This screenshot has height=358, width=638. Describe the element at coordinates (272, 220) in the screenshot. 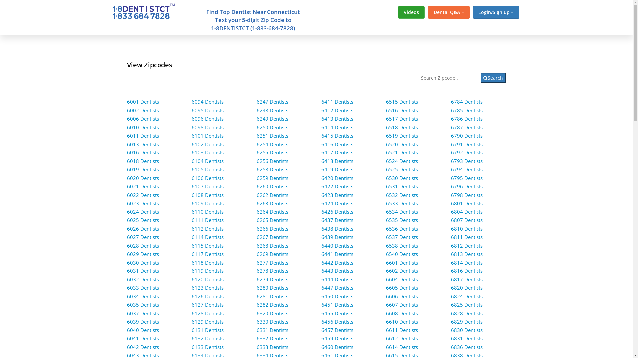

I see `'6265 Dentists'` at that location.